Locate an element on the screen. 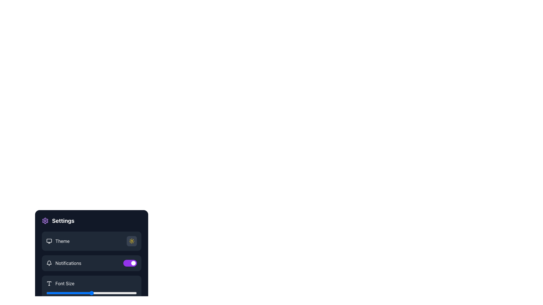 This screenshot has width=543, height=305. the theme selection button located at the center of the Settings section is located at coordinates (92, 241).